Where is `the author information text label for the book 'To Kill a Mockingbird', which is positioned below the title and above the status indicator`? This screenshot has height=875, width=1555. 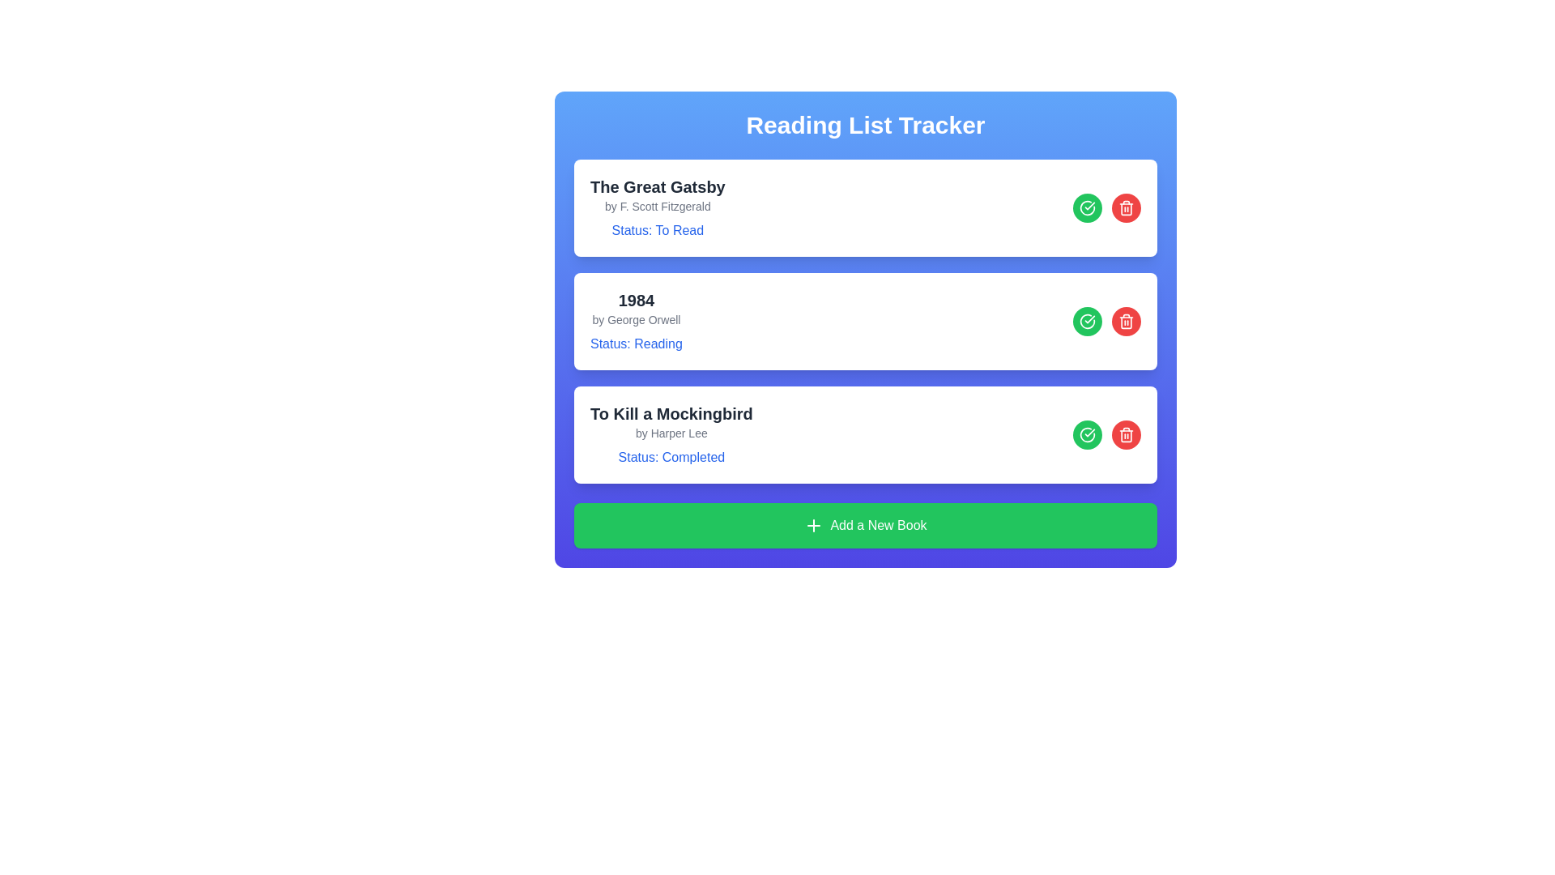
the author information text label for the book 'To Kill a Mockingbird', which is positioned below the title and above the status indicator is located at coordinates (671, 433).